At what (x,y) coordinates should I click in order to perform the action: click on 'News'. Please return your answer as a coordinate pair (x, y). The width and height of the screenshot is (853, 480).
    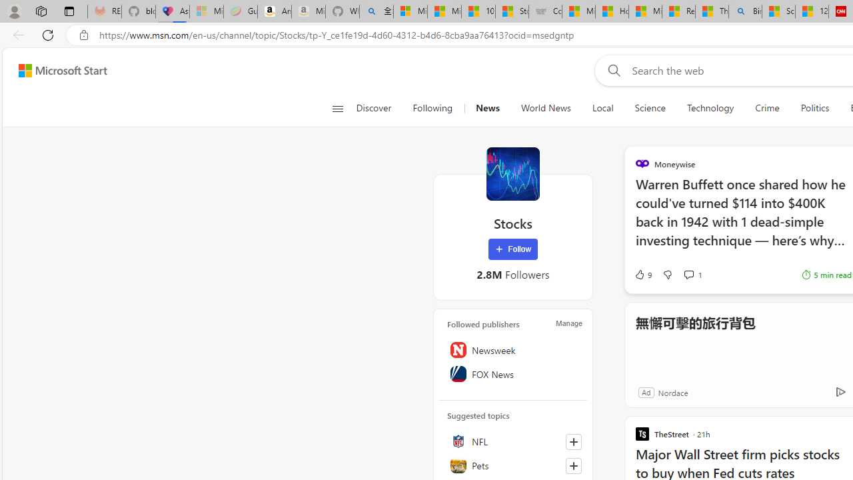
    Looking at the image, I should click on (486, 108).